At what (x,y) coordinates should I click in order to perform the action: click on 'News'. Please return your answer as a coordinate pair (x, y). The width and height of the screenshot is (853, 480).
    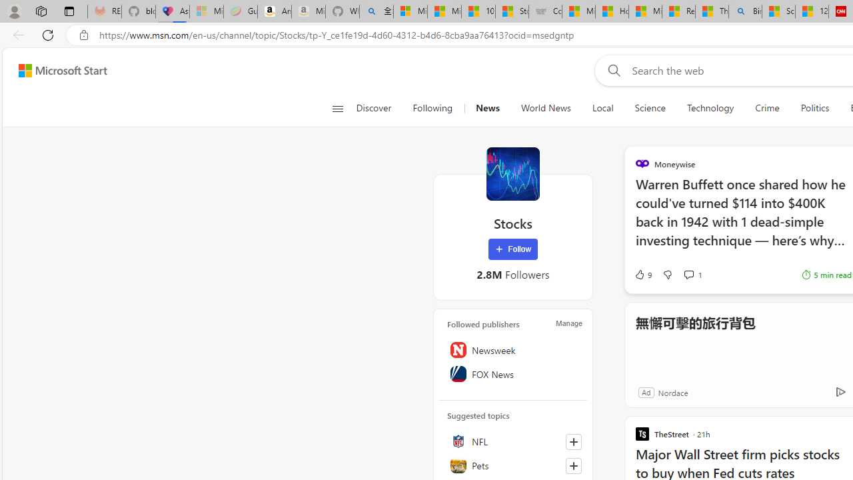
    Looking at the image, I should click on (486, 108).